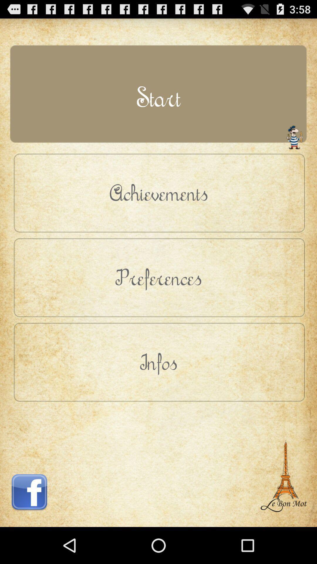 The width and height of the screenshot is (317, 564). What do you see at coordinates (158, 277) in the screenshot?
I see `icon below achievements icon` at bounding box center [158, 277].